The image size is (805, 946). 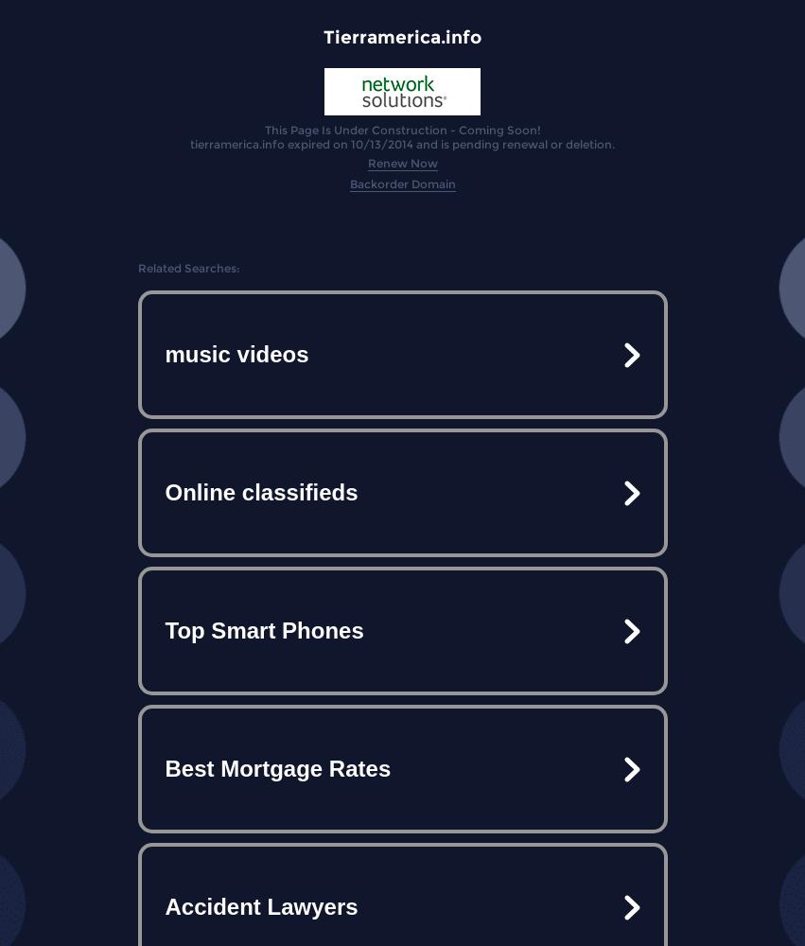 I want to click on 'Backorder Domain', so click(x=348, y=183).